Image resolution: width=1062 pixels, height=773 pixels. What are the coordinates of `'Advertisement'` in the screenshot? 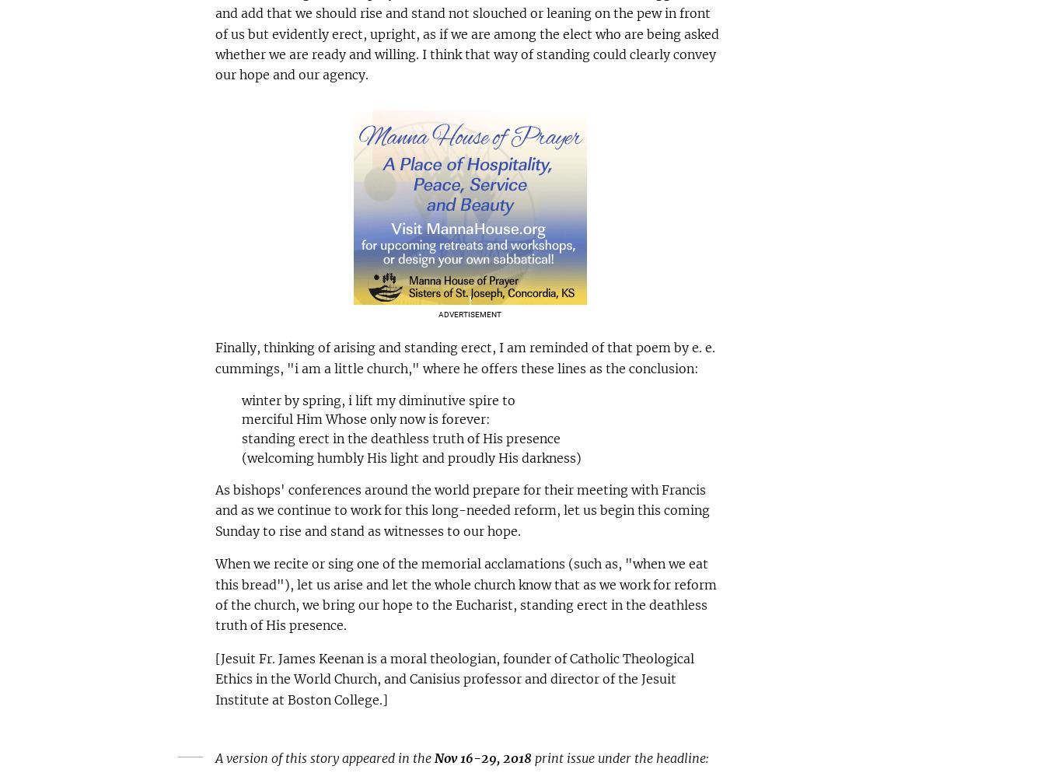 It's located at (469, 313).